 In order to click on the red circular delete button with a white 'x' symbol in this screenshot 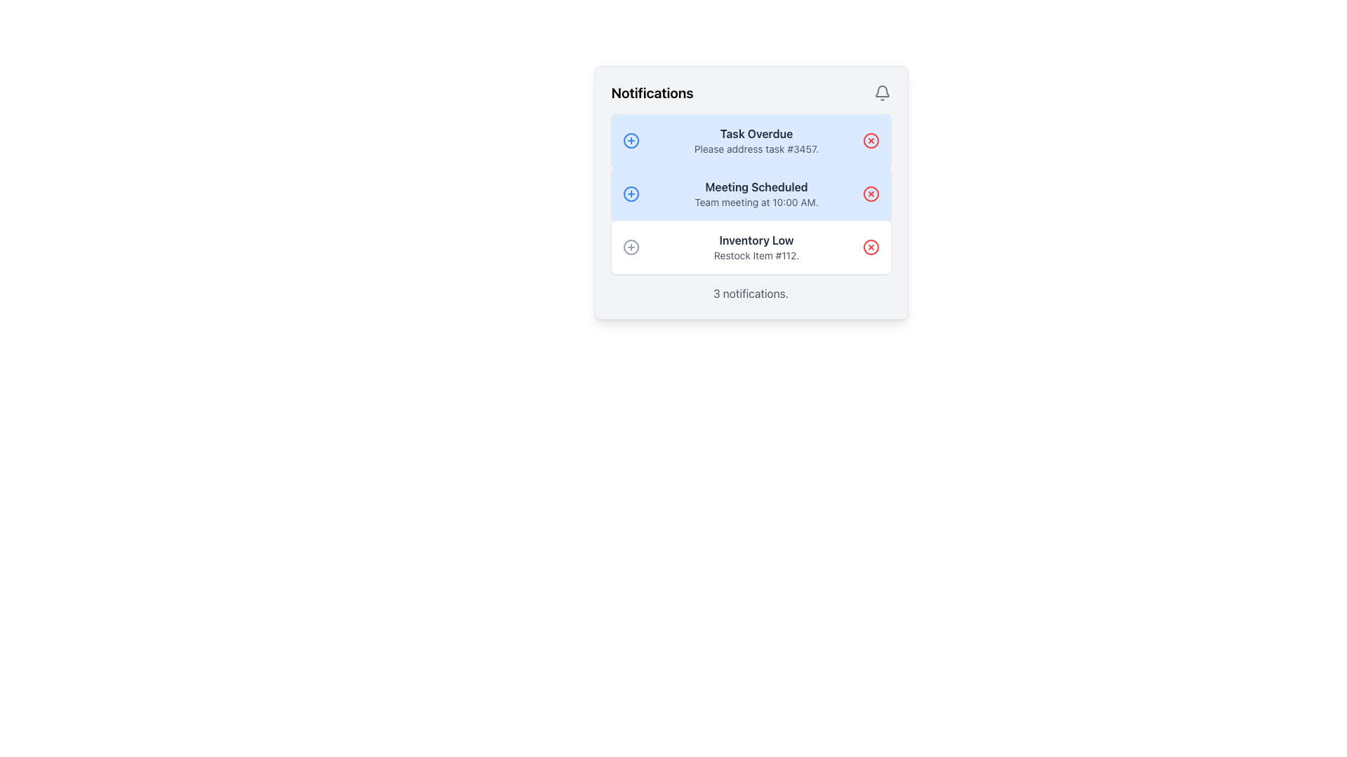, I will do `click(870, 247)`.